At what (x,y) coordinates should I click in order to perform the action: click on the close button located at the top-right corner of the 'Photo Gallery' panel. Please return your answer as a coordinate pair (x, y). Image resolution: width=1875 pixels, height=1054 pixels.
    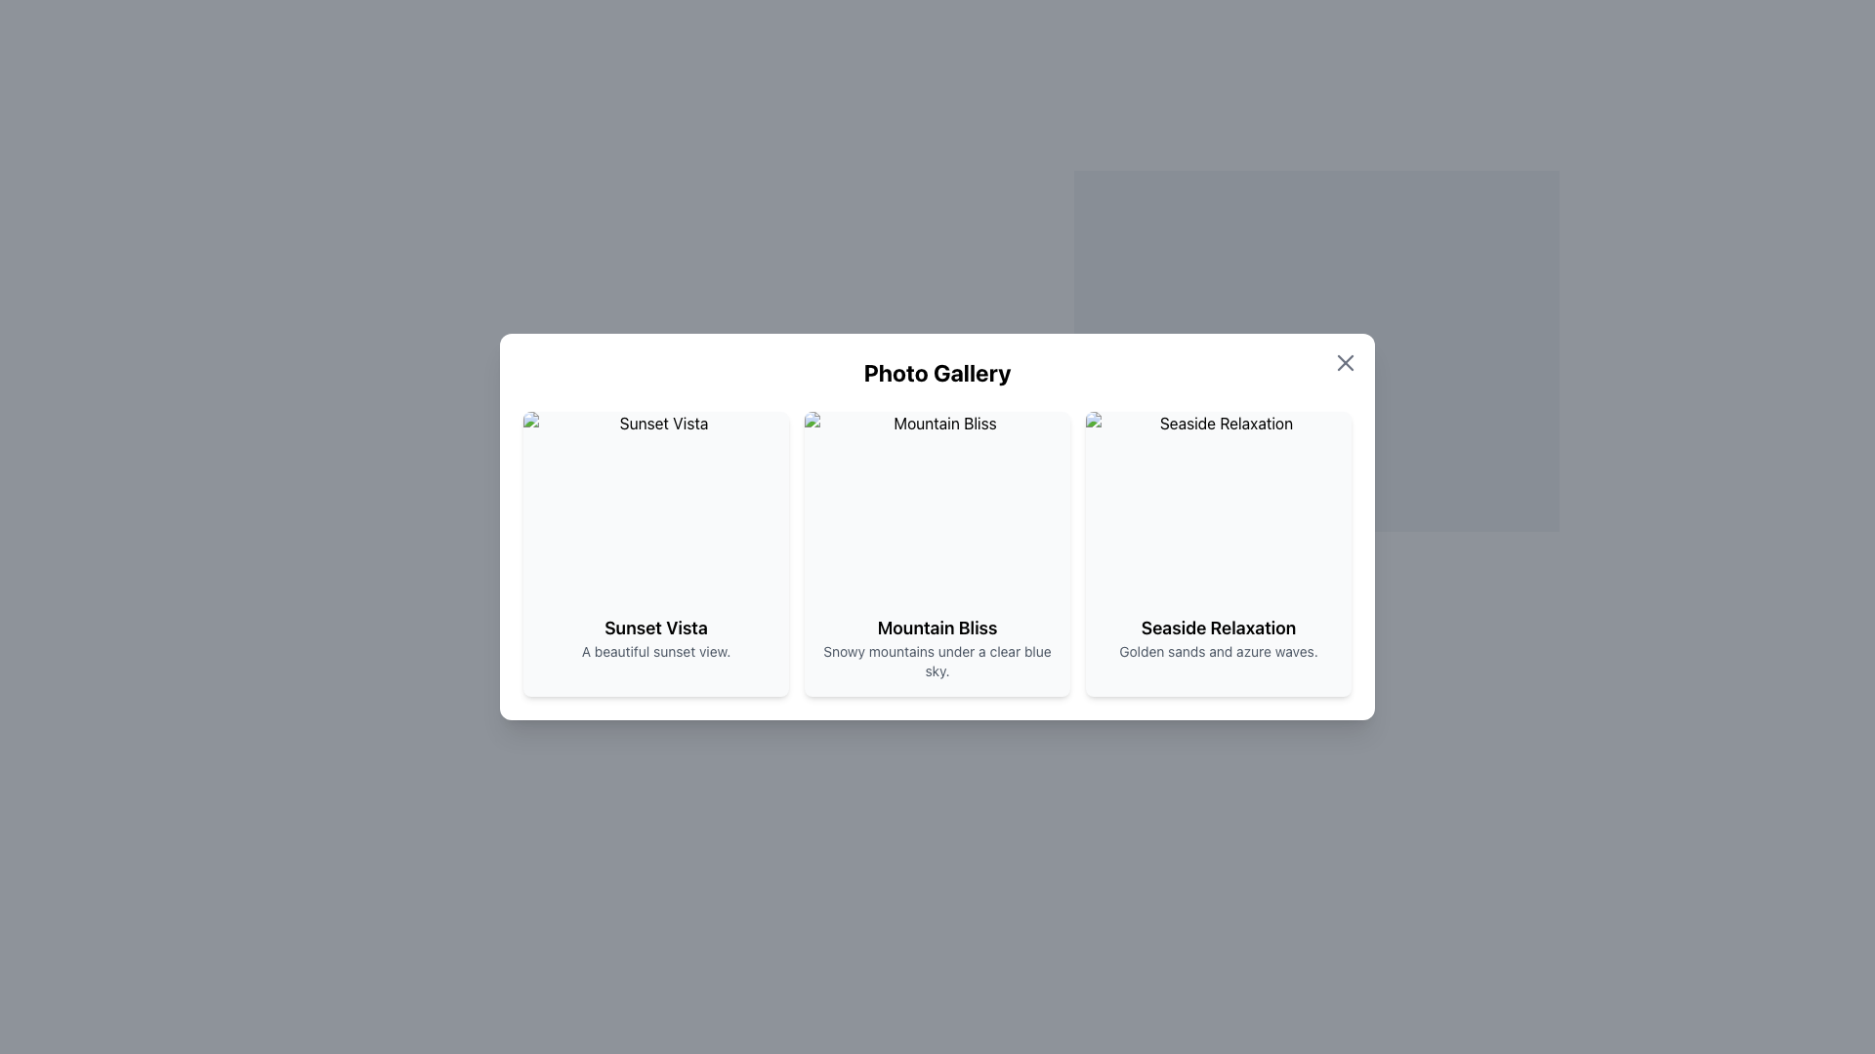
    Looking at the image, I should click on (1316, 338).